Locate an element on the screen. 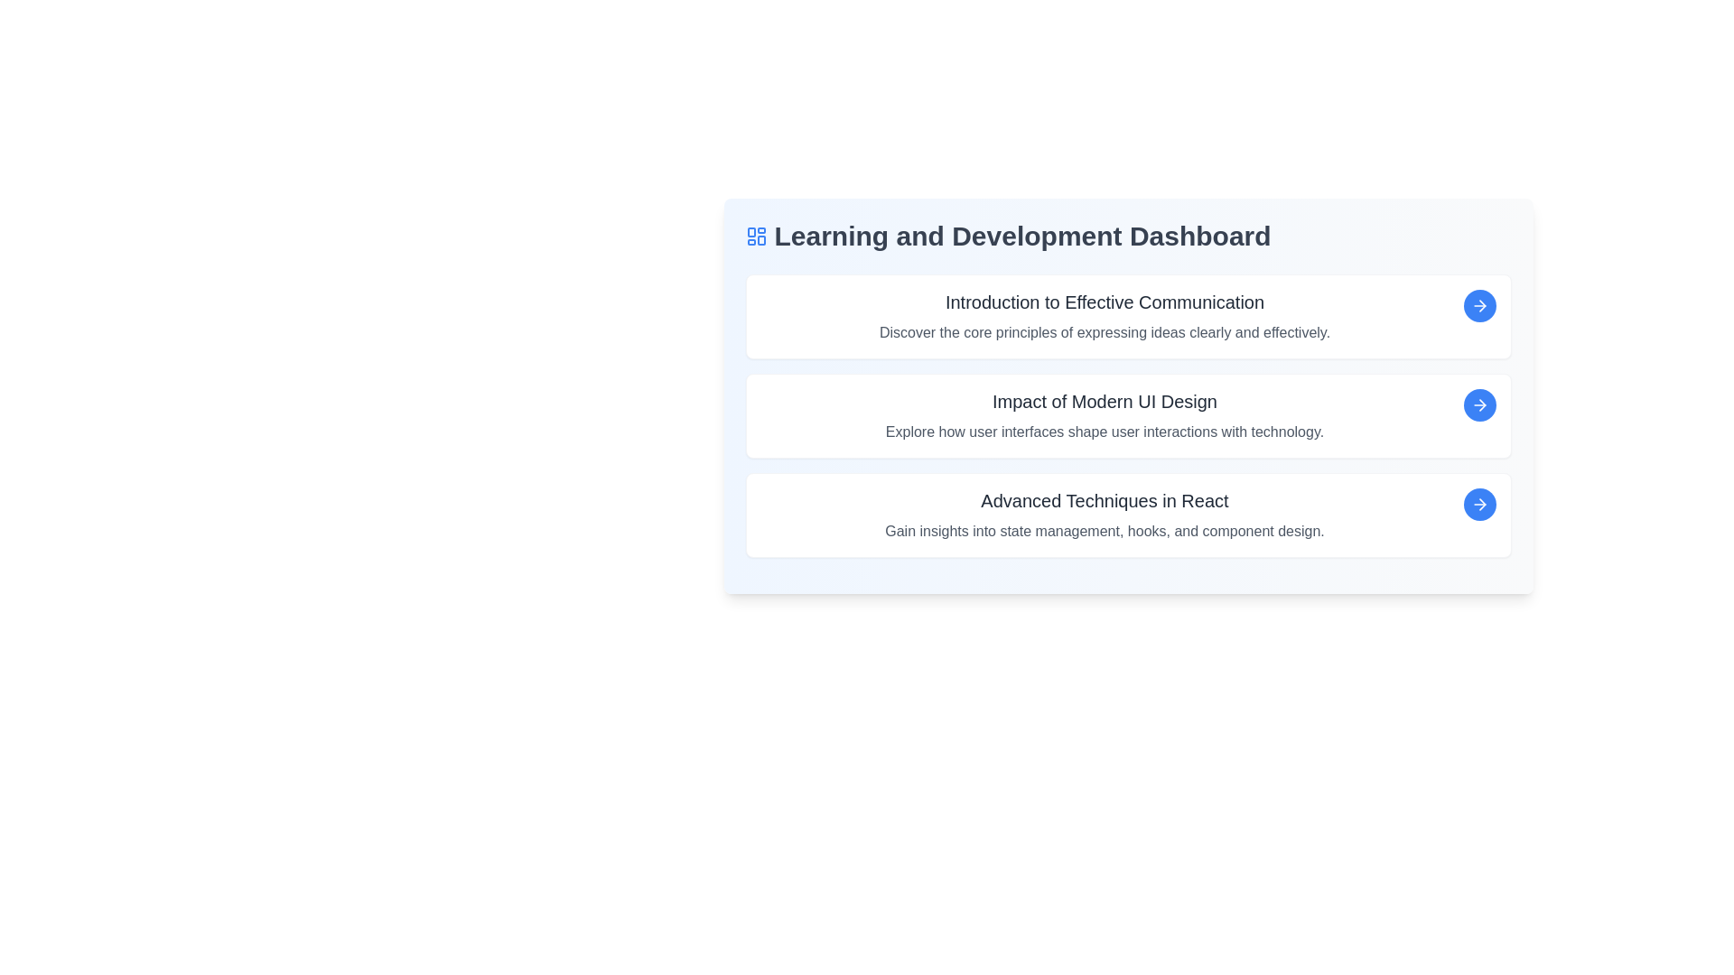 The height and width of the screenshot is (975, 1734). the blue circular button with a right-pointing white arrow icon is located at coordinates (1479, 505).